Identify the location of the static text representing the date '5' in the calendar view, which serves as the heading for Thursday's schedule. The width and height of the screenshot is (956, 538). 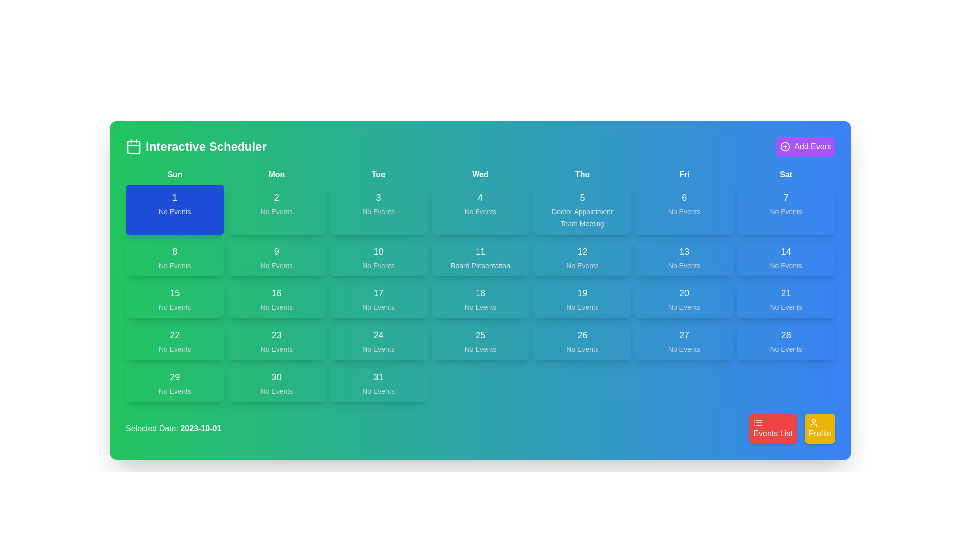
(582, 198).